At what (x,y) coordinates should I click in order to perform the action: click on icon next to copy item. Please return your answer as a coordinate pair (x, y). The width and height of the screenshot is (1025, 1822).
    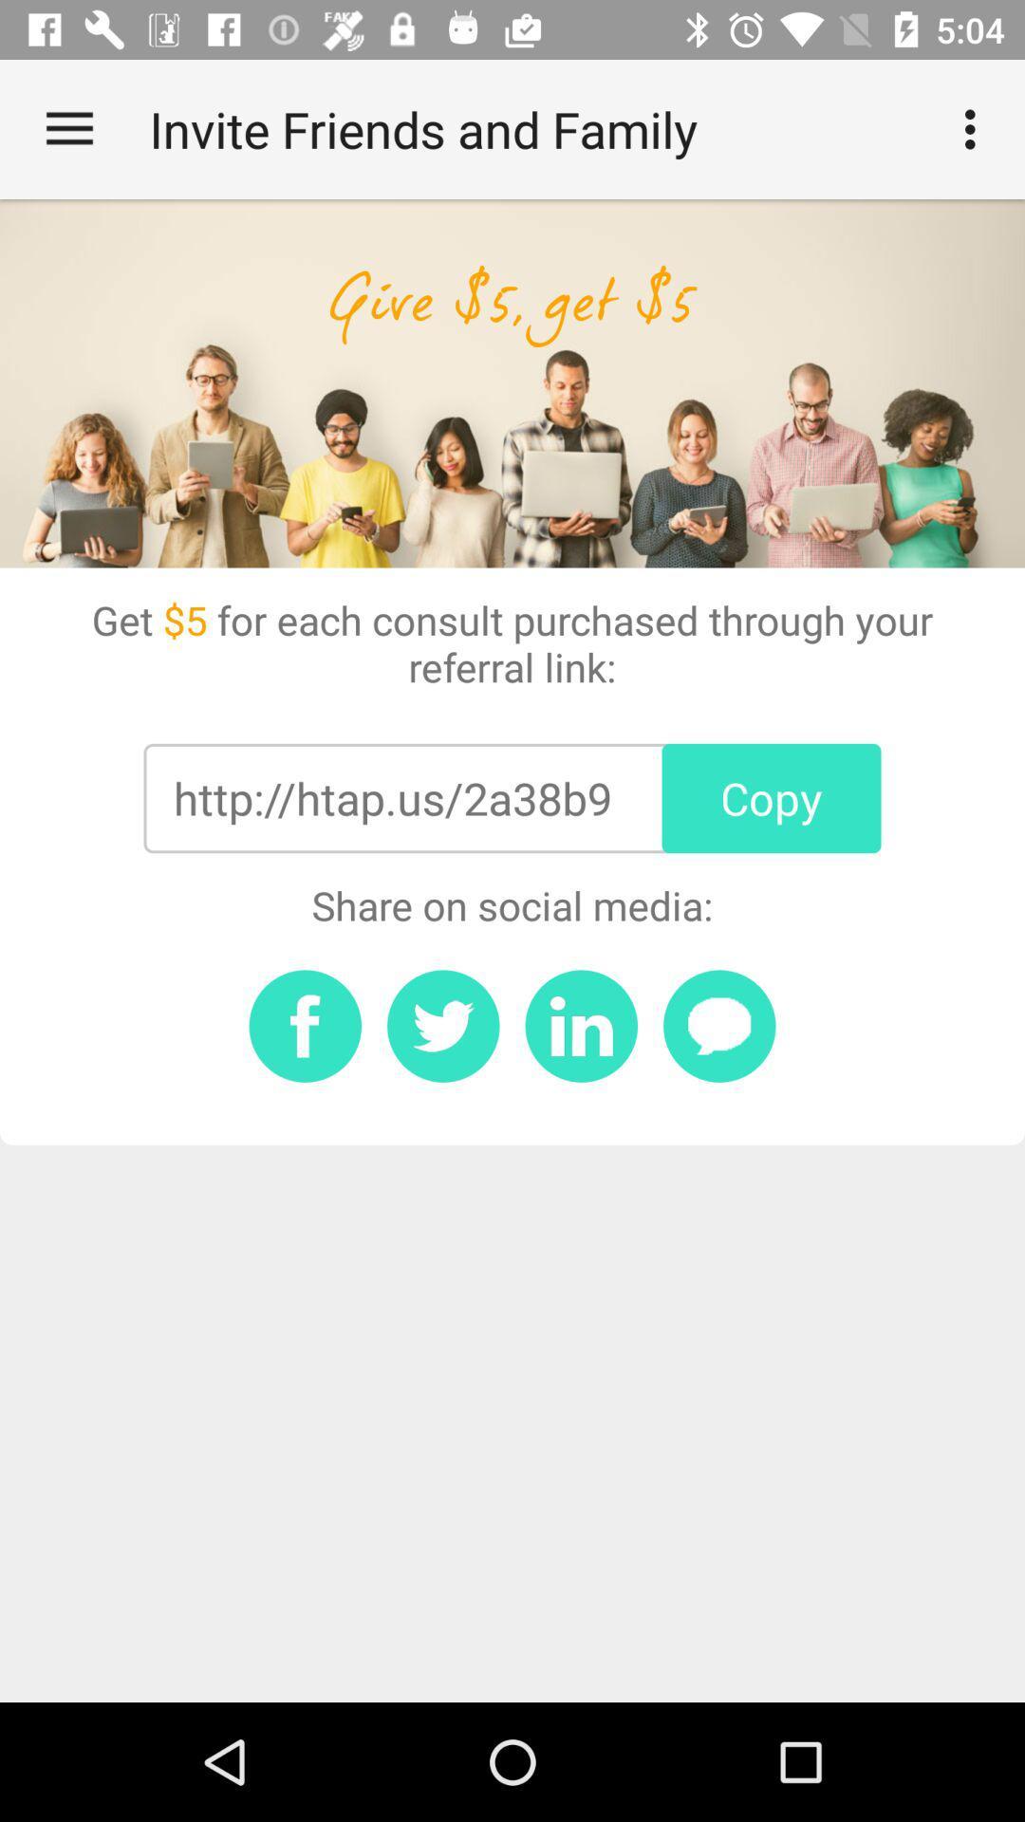
    Looking at the image, I should click on (391, 798).